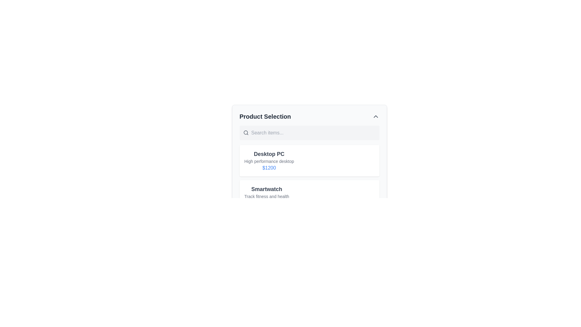  Describe the element at coordinates (269, 168) in the screenshot. I see `the price information text located at the bottom of the product details for 'Desktop PC' to read the price value` at that location.